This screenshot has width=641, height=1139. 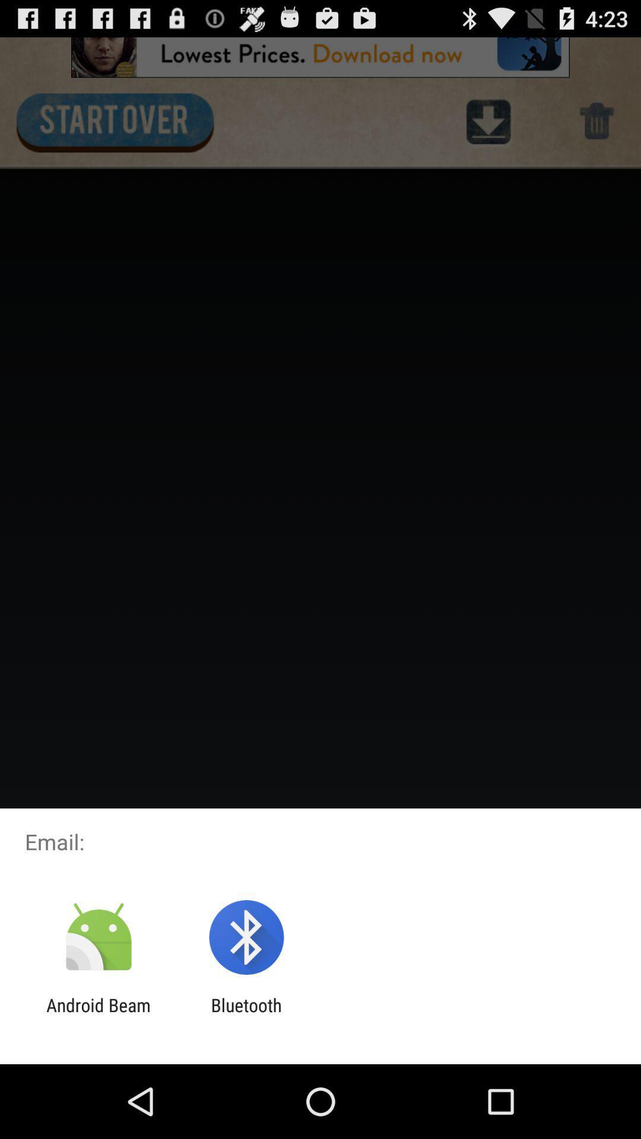 What do you see at coordinates (98, 1015) in the screenshot?
I see `item to the left of bluetooth icon` at bounding box center [98, 1015].